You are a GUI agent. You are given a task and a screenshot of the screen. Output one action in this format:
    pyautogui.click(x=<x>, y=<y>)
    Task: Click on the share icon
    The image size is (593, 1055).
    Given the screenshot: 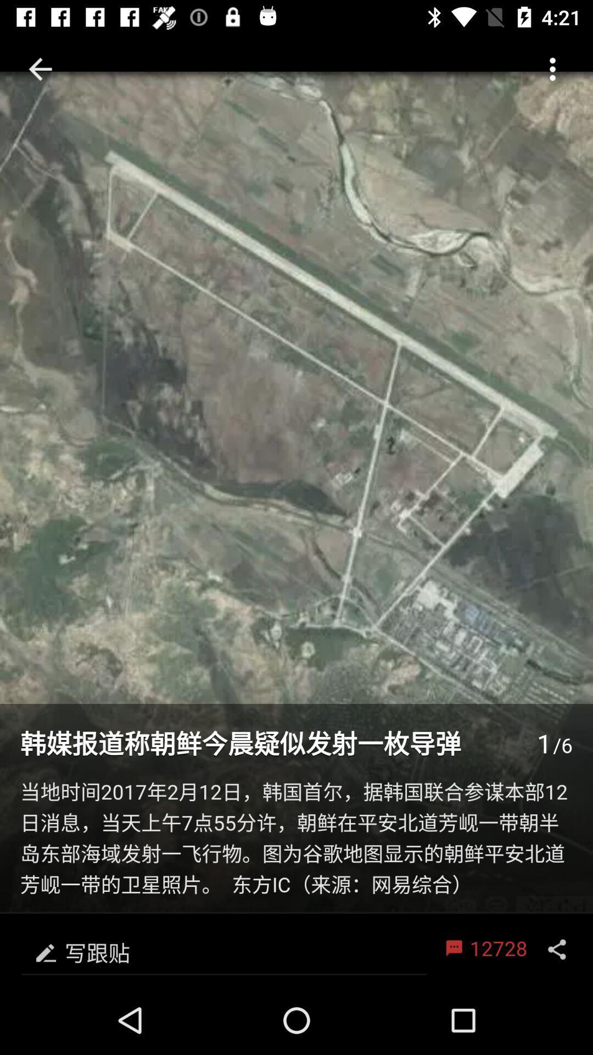 What is the action you would take?
    pyautogui.click(x=557, y=949)
    